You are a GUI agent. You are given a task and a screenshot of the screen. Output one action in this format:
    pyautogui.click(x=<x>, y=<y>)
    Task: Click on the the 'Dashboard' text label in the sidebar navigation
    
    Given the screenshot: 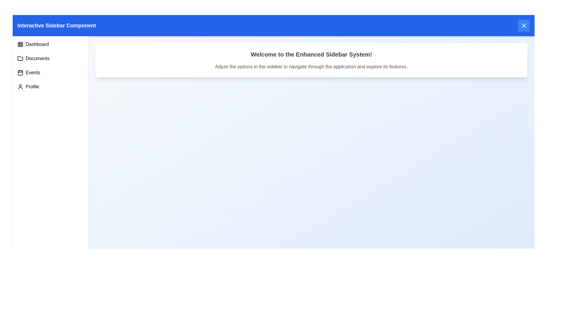 What is the action you would take?
    pyautogui.click(x=37, y=44)
    